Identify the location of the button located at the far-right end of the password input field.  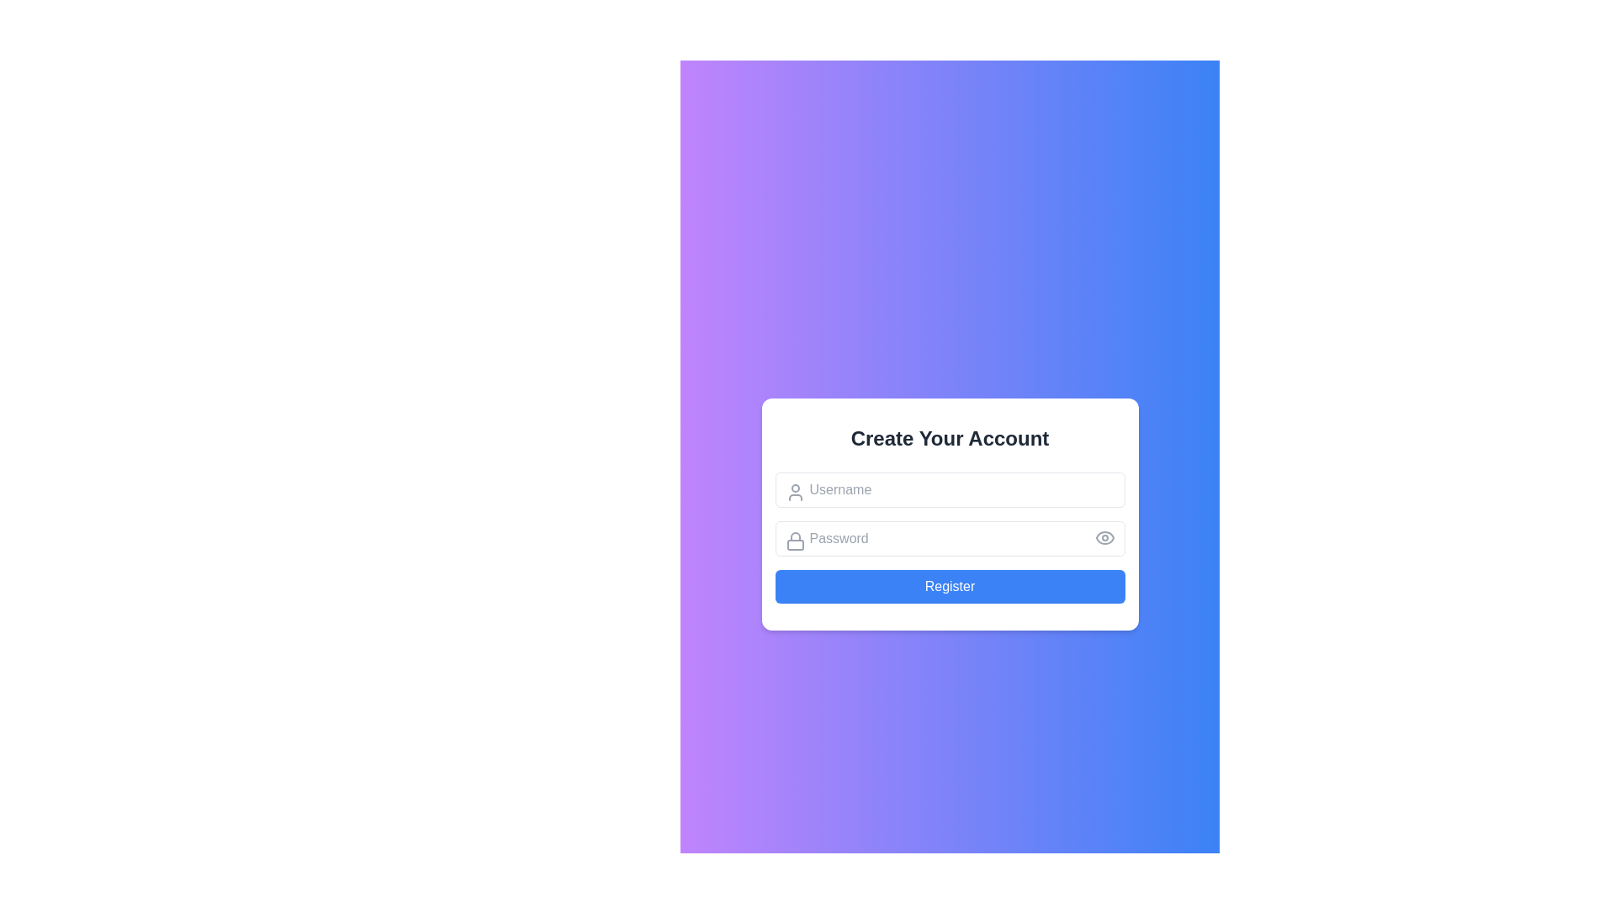
(1104, 538).